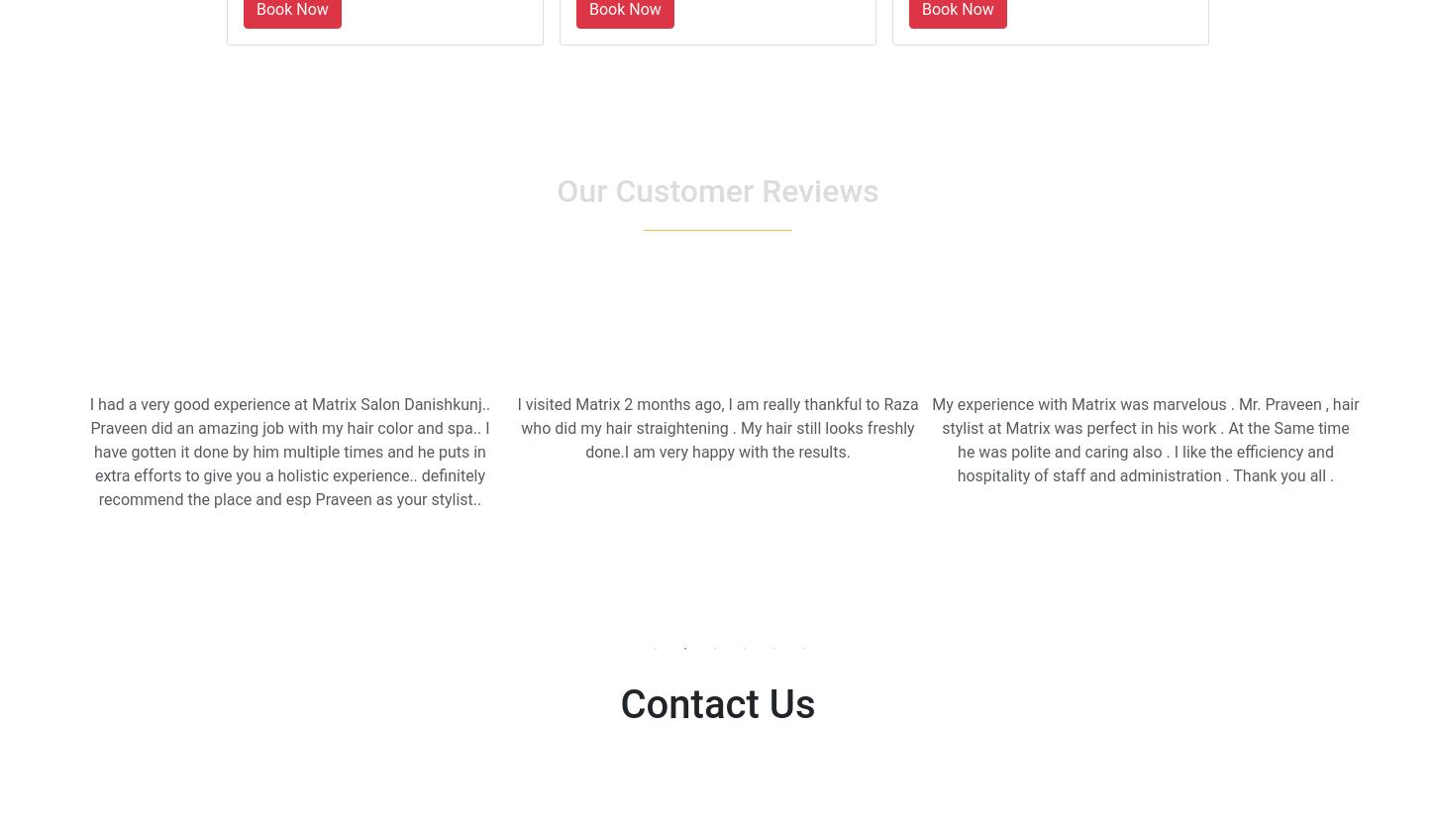  What do you see at coordinates (611, 806) in the screenshot?
I see `'Monday:'` at bounding box center [611, 806].